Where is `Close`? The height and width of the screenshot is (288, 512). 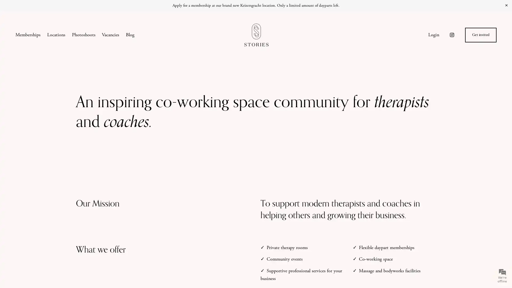
Close is located at coordinates (350, 74).